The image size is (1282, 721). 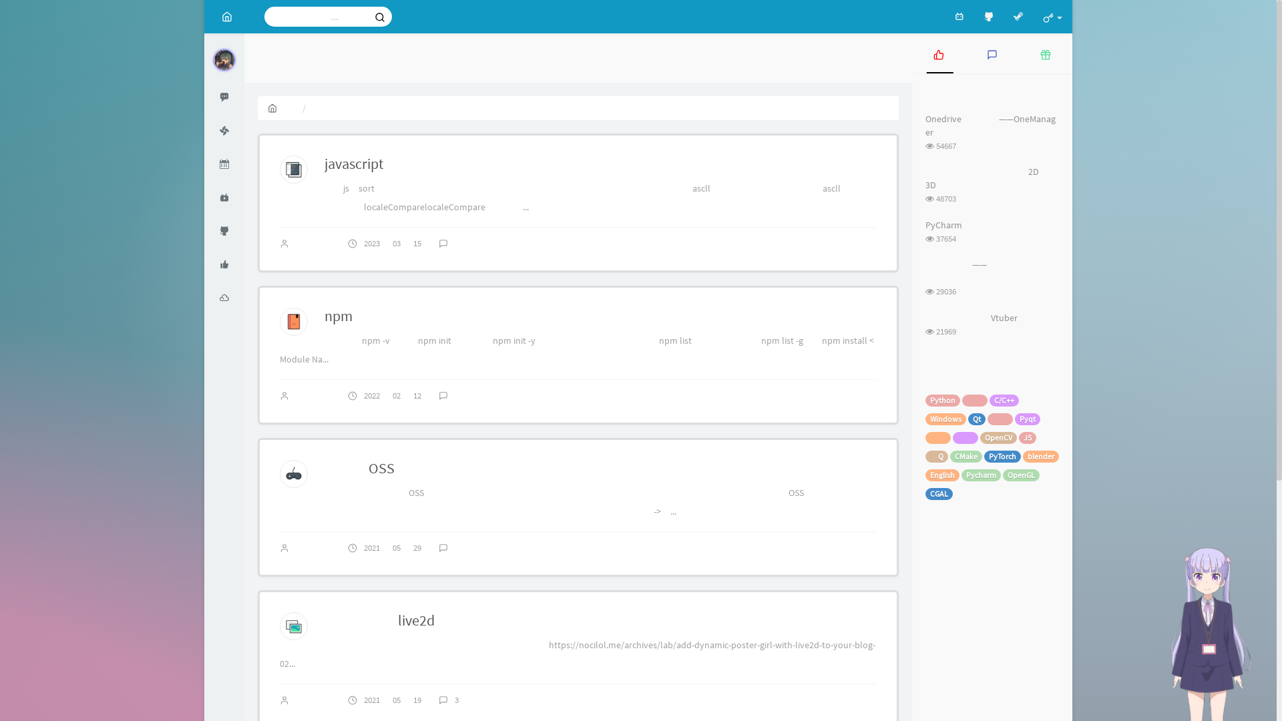 I want to click on 'JS', so click(x=1027, y=437).